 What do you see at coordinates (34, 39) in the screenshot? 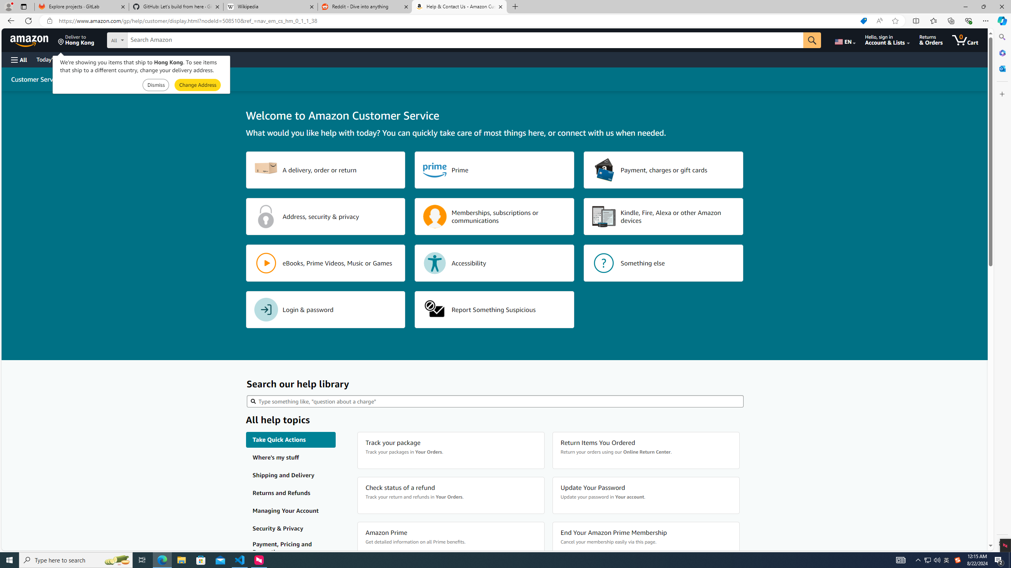
I see `'Skip to main content'` at bounding box center [34, 39].